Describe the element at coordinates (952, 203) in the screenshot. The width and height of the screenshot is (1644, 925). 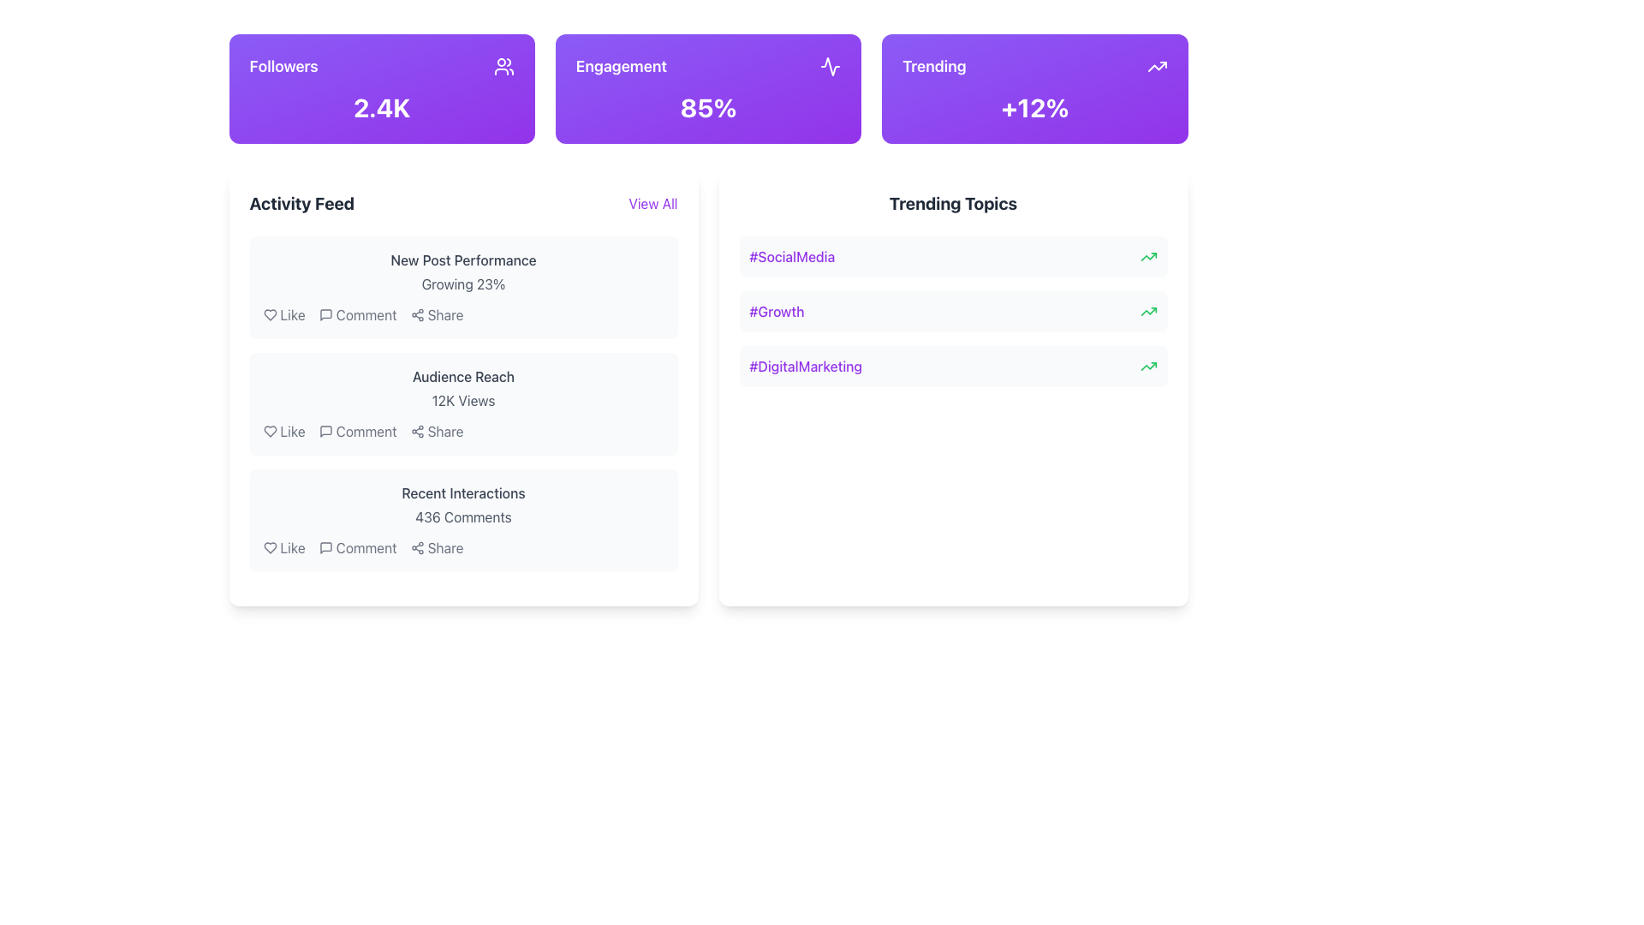
I see `text header displaying 'Trending Topics' at the top of the trending topics card for context` at that location.